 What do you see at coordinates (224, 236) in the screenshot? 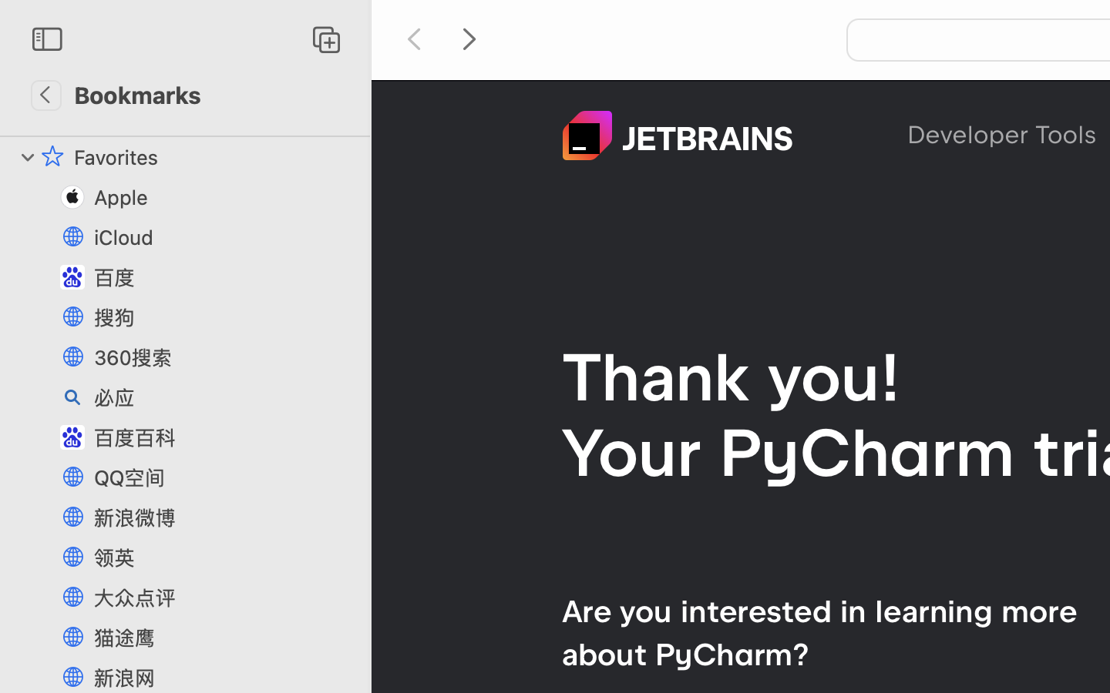
I see `'iCloud'` at bounding box center [224, 236].